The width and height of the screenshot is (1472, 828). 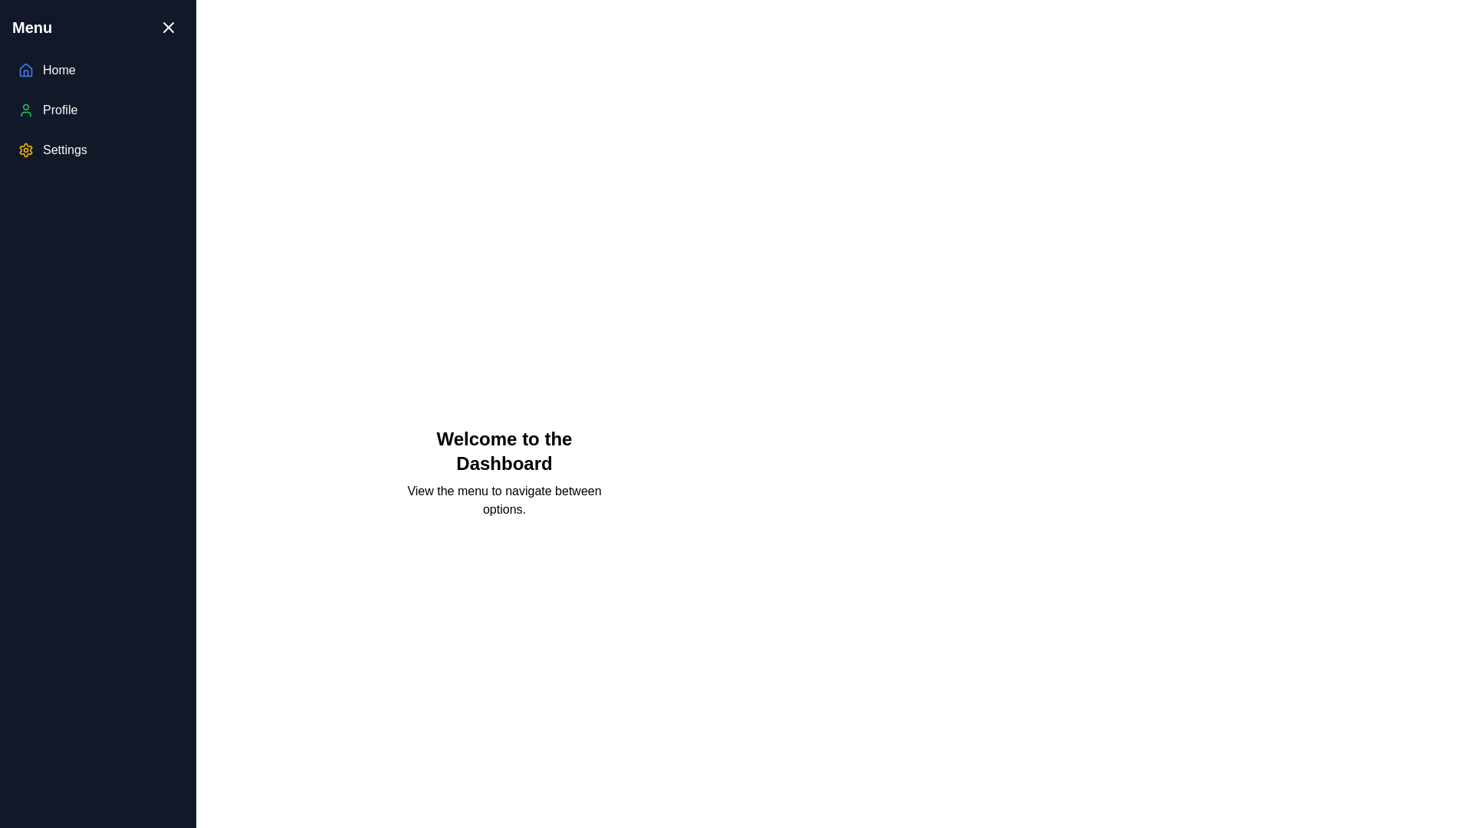 I want to click on the bottommost list item in the vertical navigation menu, so click(x=97, y=150).